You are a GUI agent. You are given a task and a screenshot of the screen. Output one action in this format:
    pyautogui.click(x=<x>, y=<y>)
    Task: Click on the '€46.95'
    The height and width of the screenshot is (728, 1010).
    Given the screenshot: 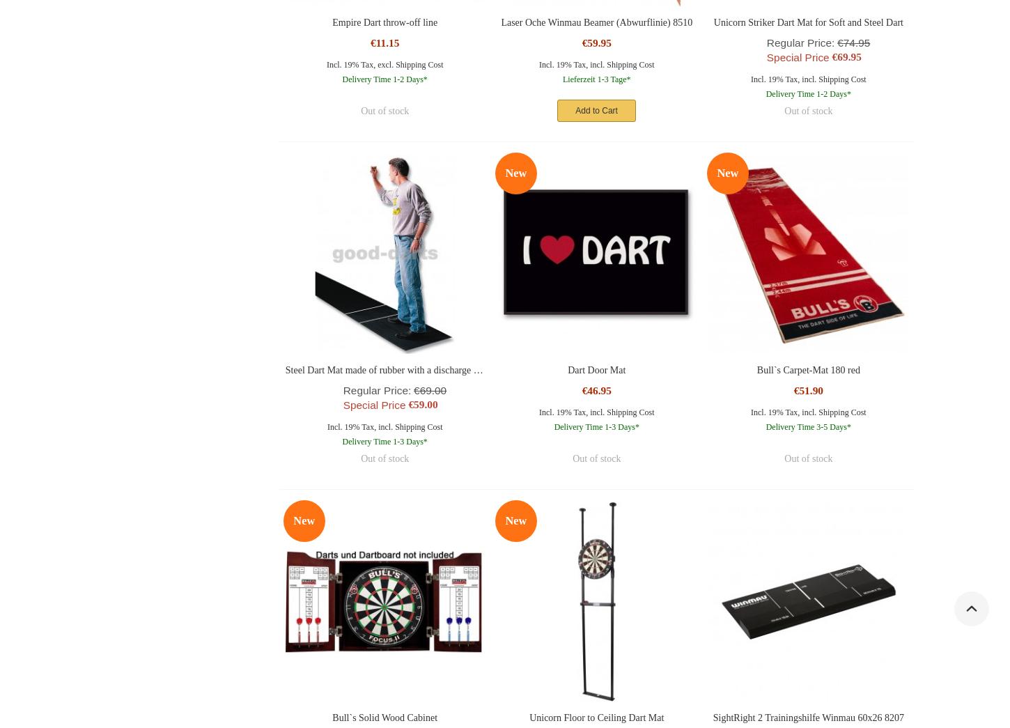 What is the action you would take?
    pyautogui.click(x=595, y=390)
    